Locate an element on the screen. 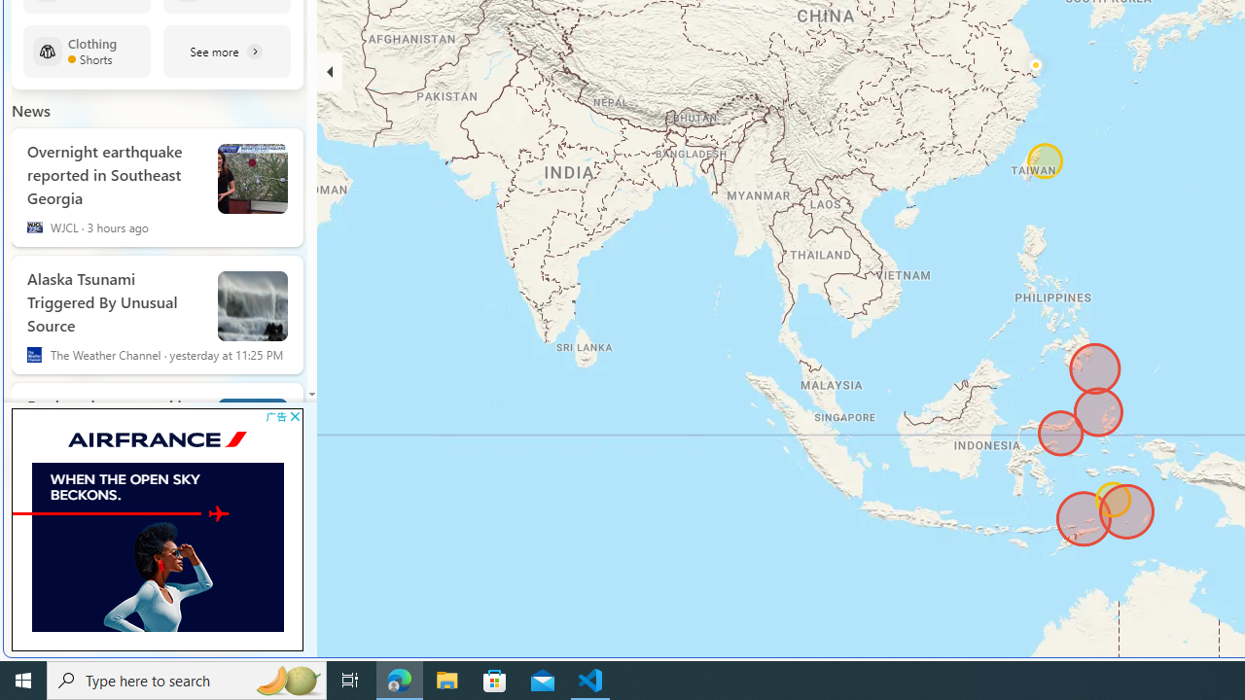 The image size is (1245, 700). 'The Weather Channel' is located at coordinates (34, 355).